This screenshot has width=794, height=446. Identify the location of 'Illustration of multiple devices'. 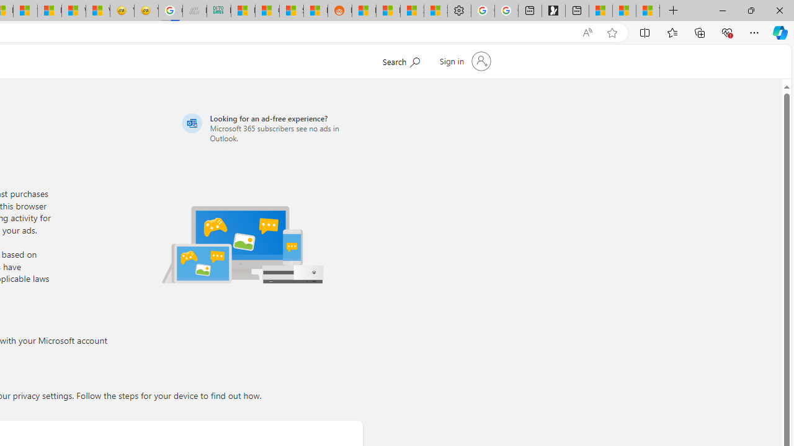
(243, 244).